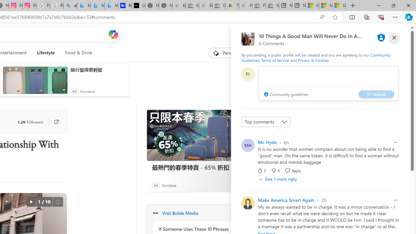  I want to click on 'Threats and offensive language policy | eBay', so click(232, 6).